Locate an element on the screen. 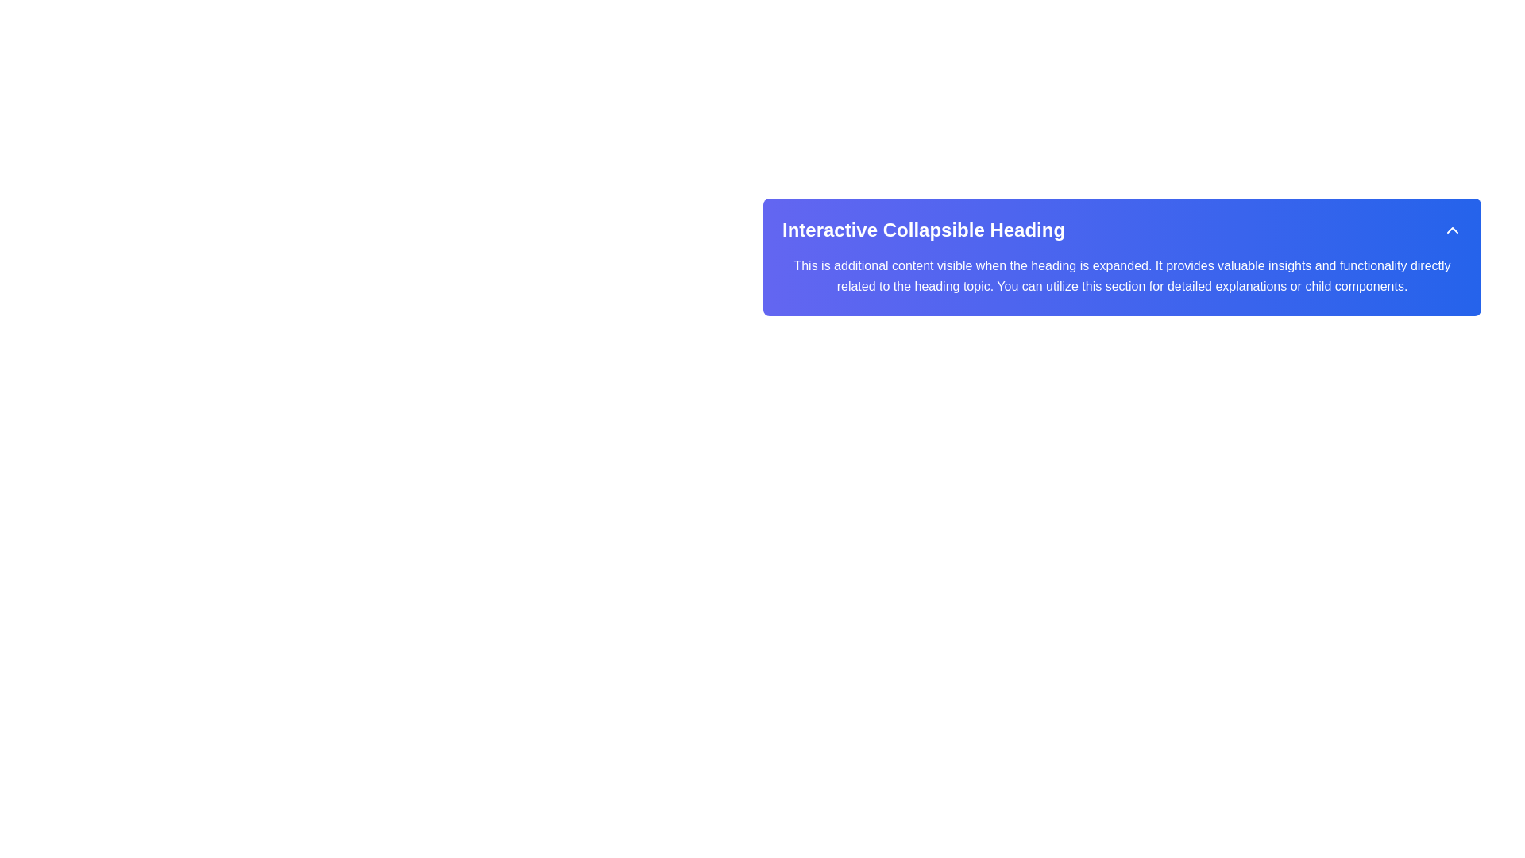  the collapsible toggle icon located on the right side of the blue header labeled 'Interactive Collapsible Heading' is located at coordinates (1452, 230).